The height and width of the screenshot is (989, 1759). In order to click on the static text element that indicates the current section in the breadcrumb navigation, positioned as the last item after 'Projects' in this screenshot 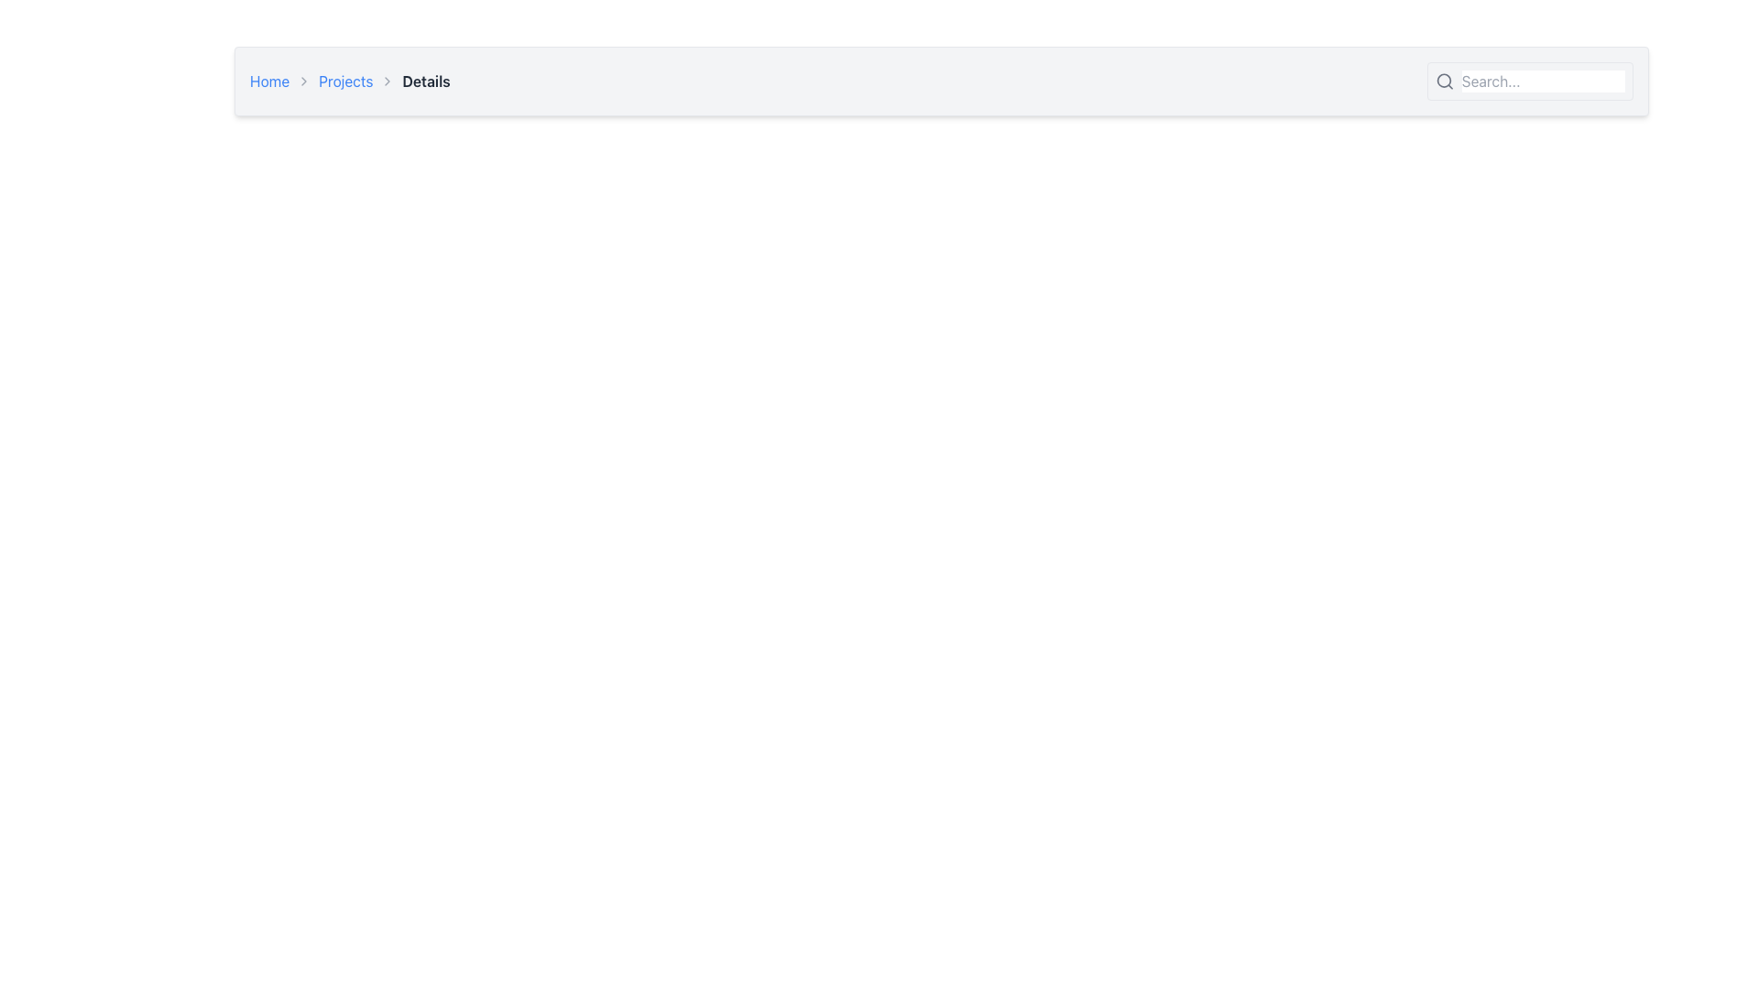, I will do `click(425, 80)`.